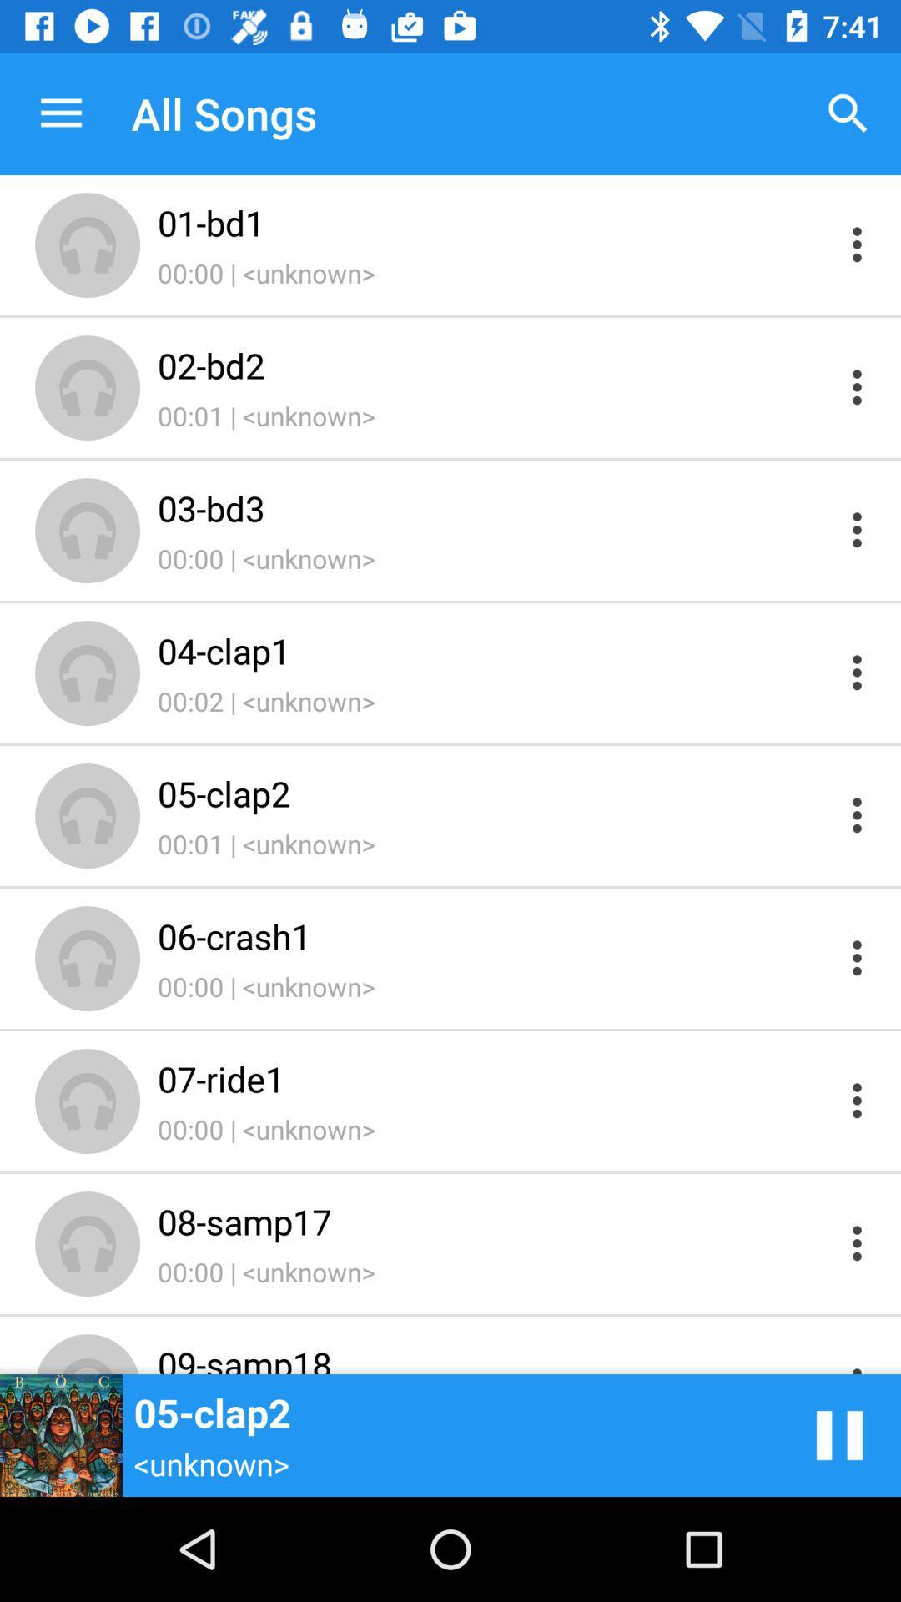 This screenshot has width=901, height=1602. I want to click on see information on file, so click(857, 958).